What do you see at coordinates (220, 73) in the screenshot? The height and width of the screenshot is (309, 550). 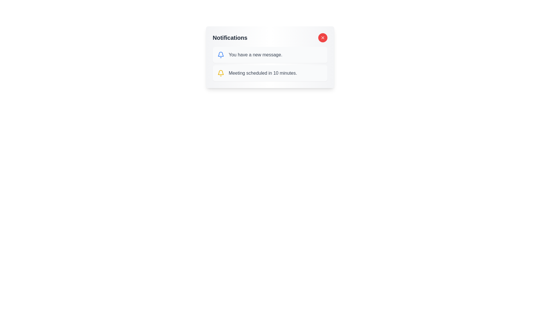 I see `the yellow bell-shaped icon located in the left section of the second notification row within the notification panel` at bounding box center [220, 73].